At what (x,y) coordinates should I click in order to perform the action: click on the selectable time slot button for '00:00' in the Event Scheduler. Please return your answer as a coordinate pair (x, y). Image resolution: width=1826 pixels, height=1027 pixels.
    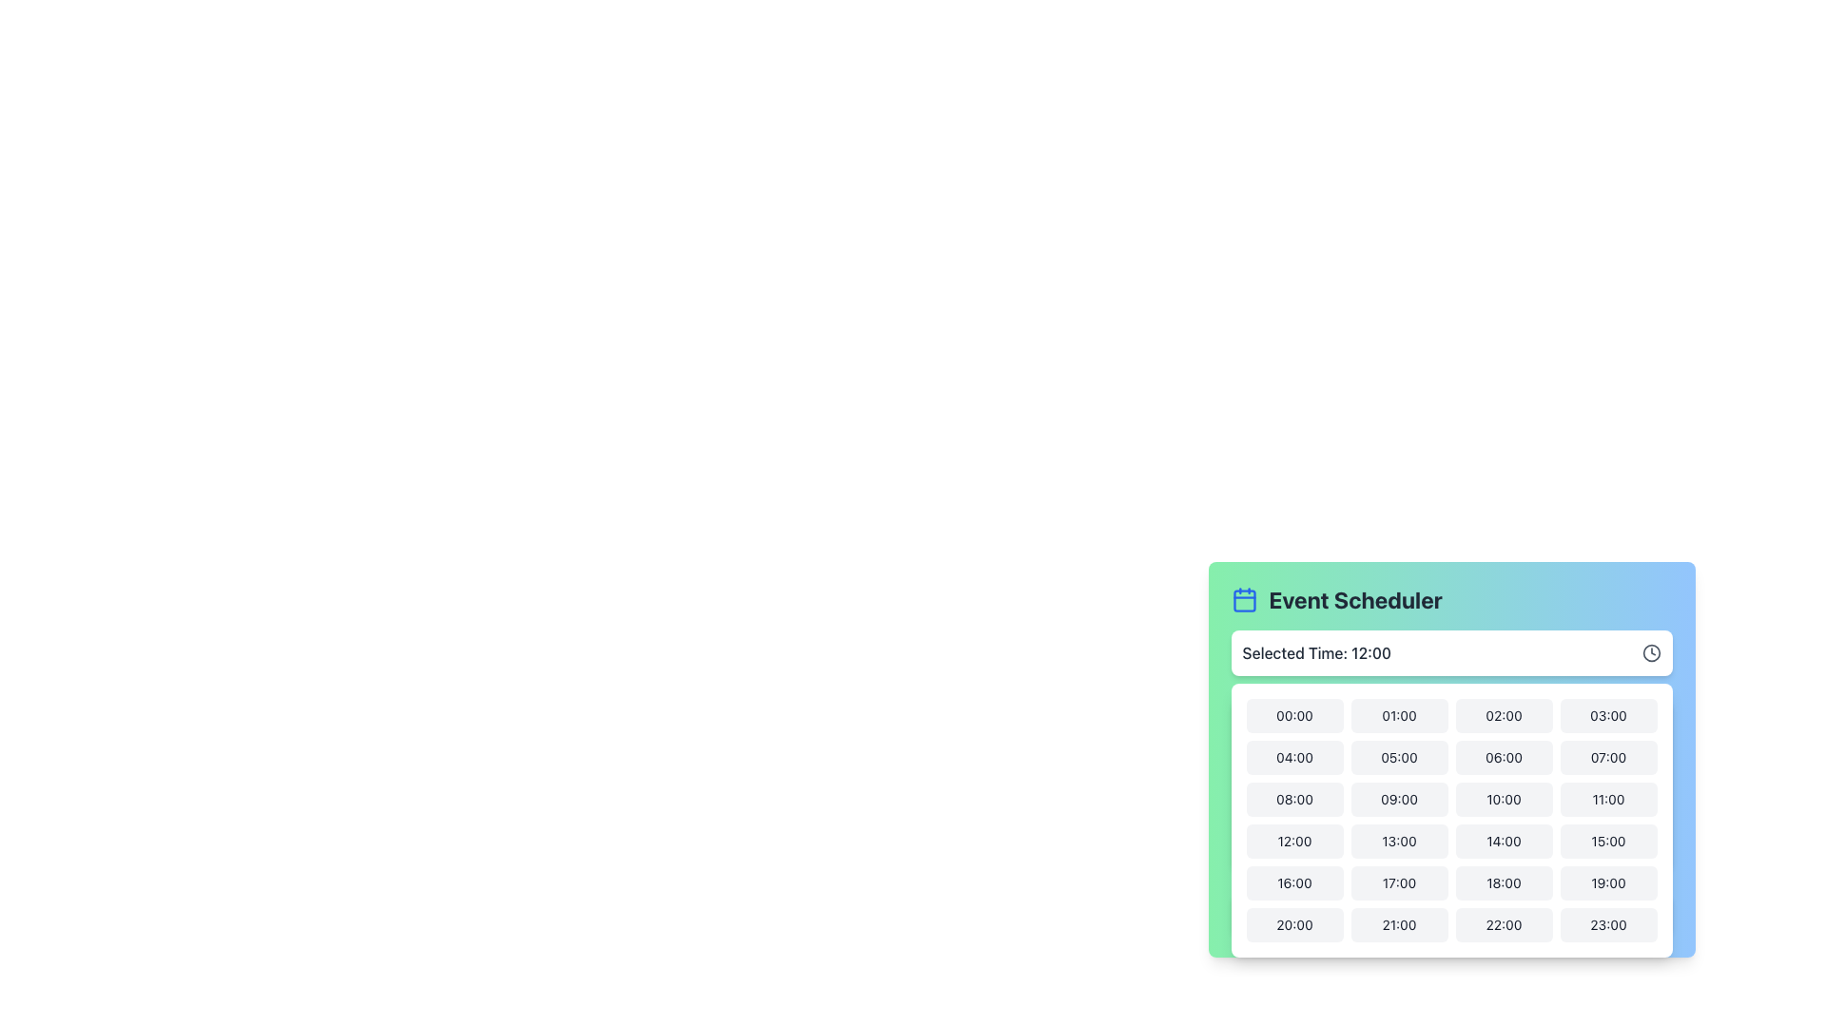
    Looking at the image, I should click on (1293, 715).